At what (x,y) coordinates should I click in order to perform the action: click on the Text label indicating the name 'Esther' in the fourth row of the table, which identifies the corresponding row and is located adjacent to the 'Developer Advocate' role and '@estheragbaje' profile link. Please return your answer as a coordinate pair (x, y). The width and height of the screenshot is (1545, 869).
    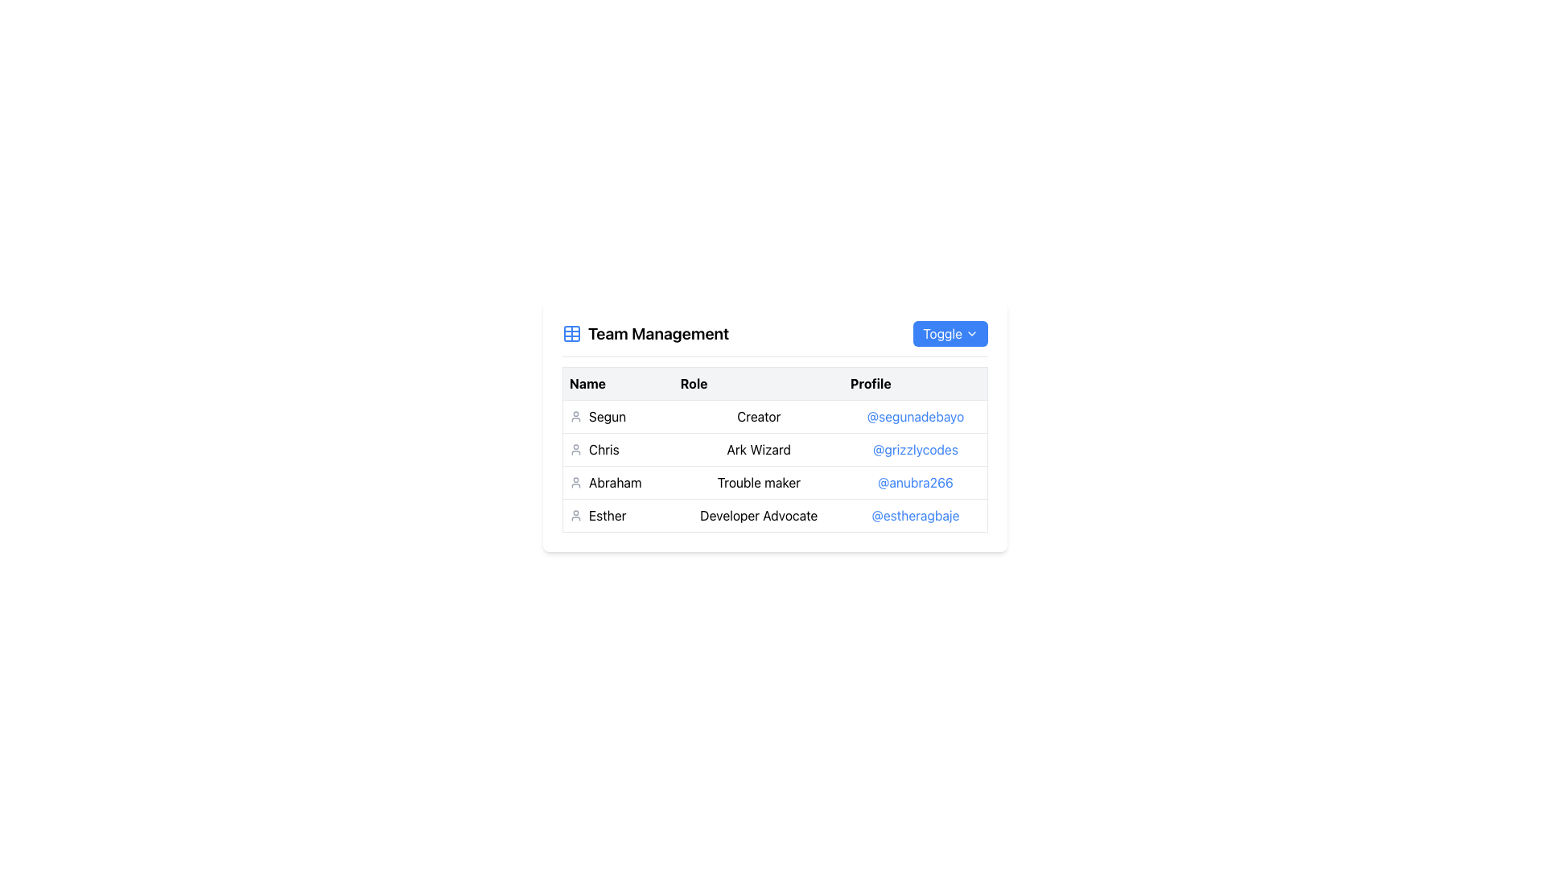
    Looking at the image, I should click on (617, 515).